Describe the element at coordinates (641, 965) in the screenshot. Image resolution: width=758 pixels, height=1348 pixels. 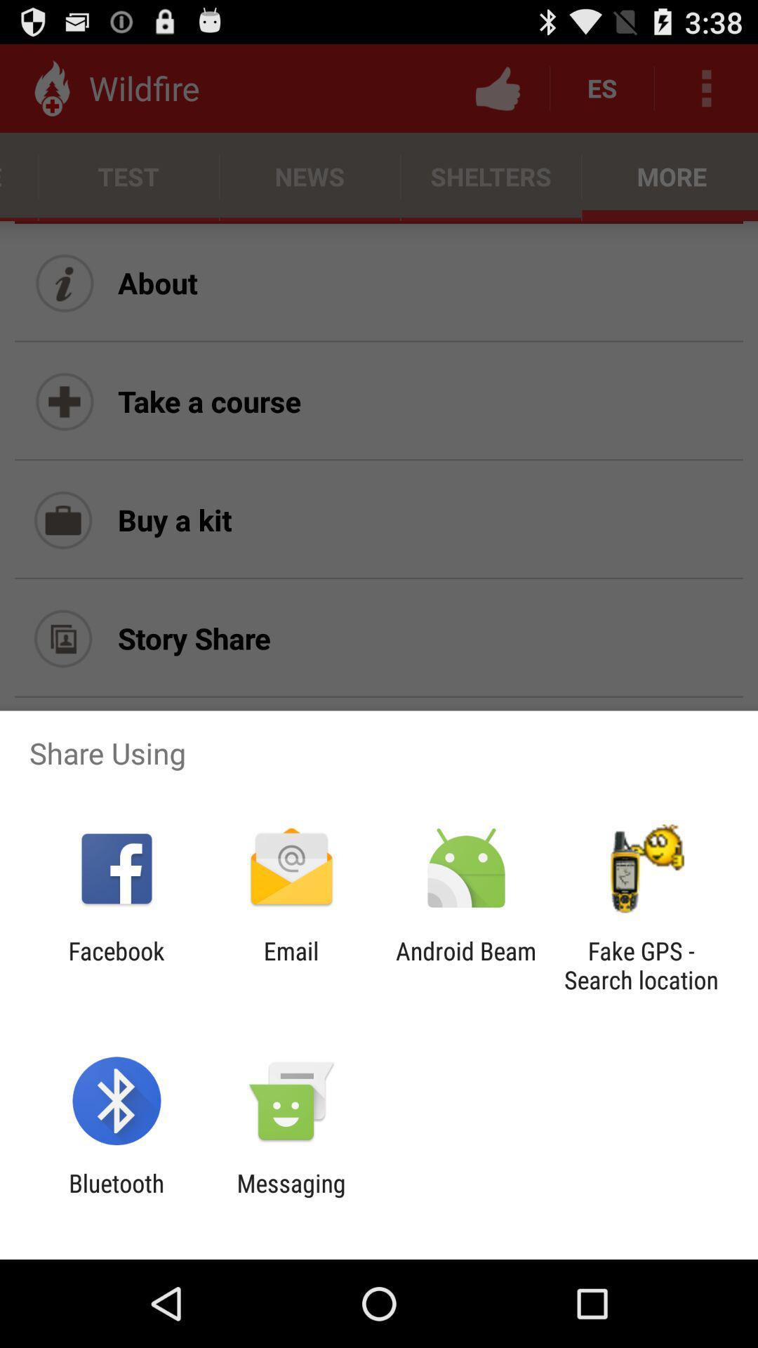
I see `the item to the right of android beam icon` at that location.